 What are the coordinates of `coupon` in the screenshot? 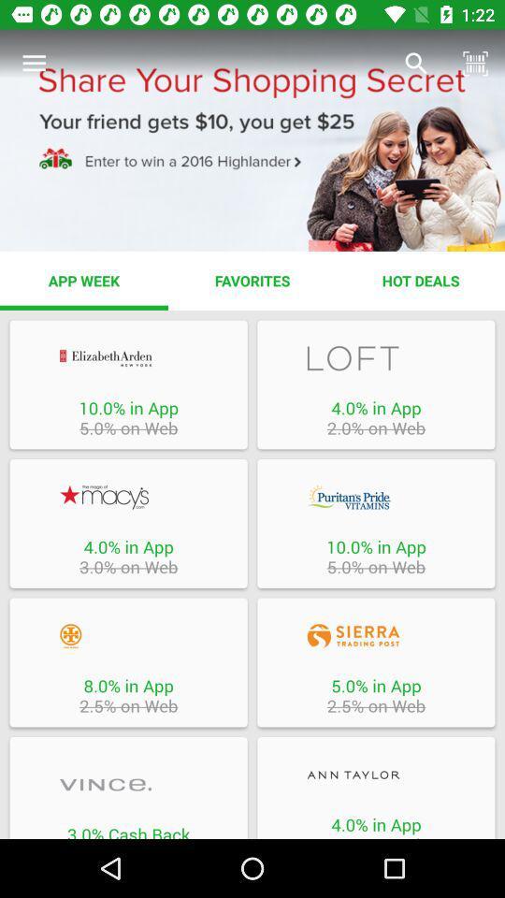 It's located at (376, 357).